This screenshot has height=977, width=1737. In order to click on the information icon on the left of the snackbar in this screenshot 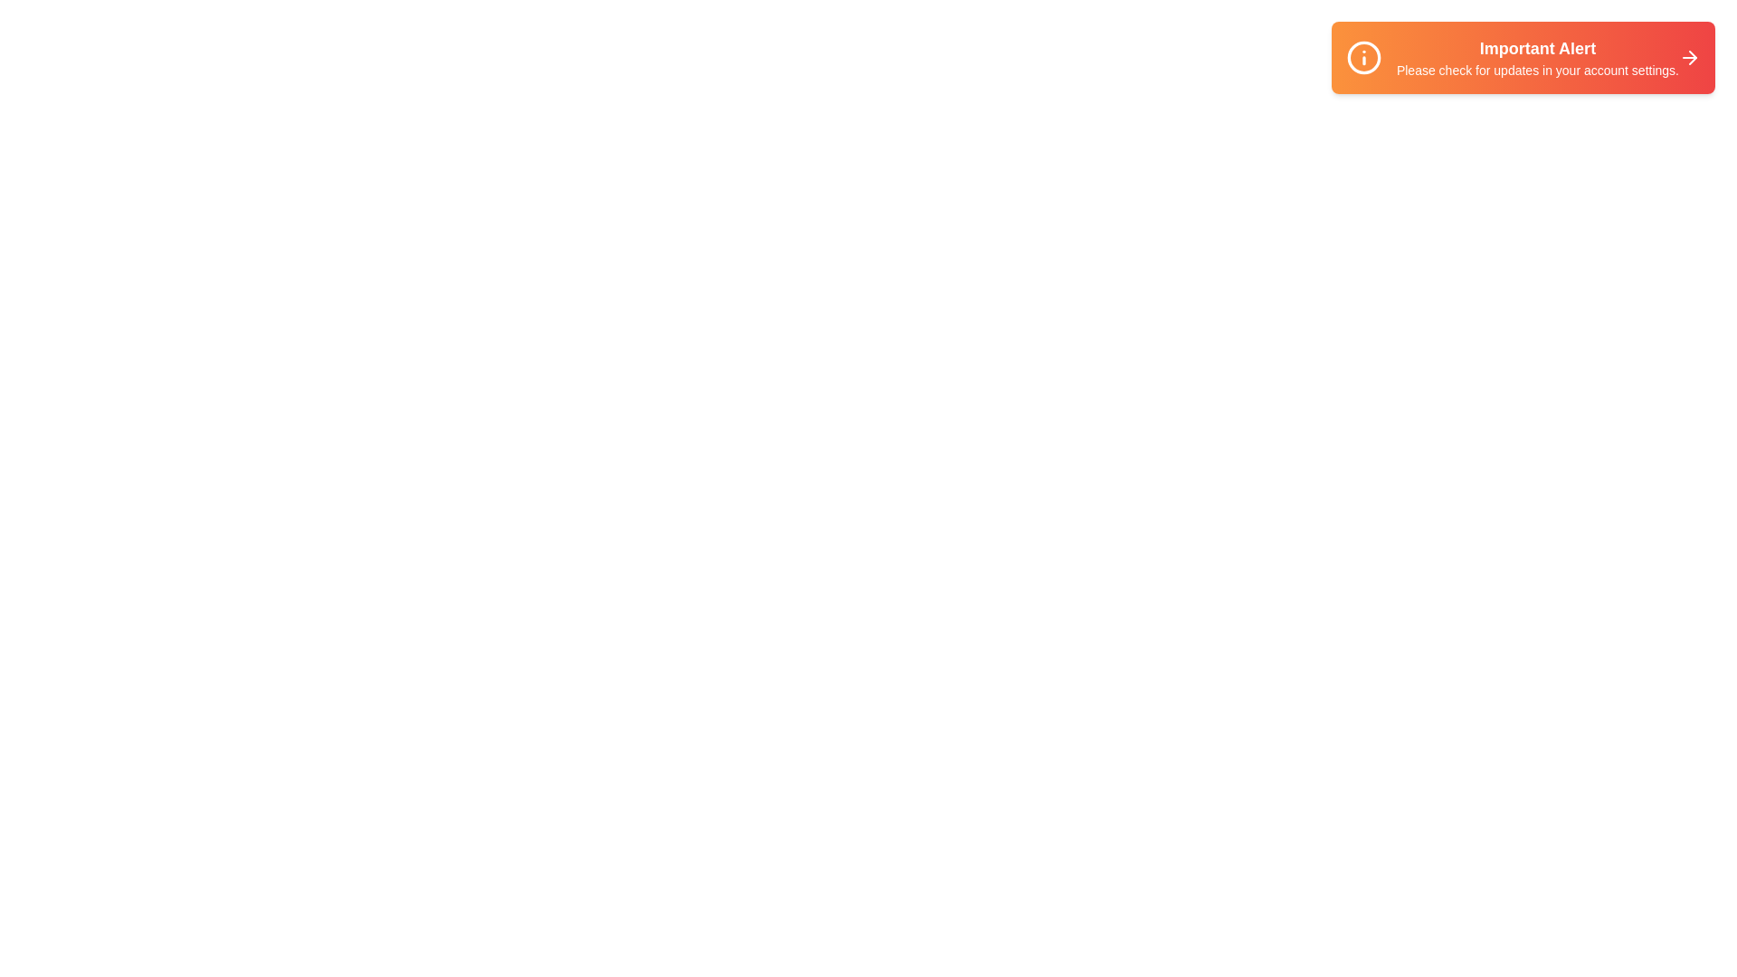, I will do `click(1363, 57)`.